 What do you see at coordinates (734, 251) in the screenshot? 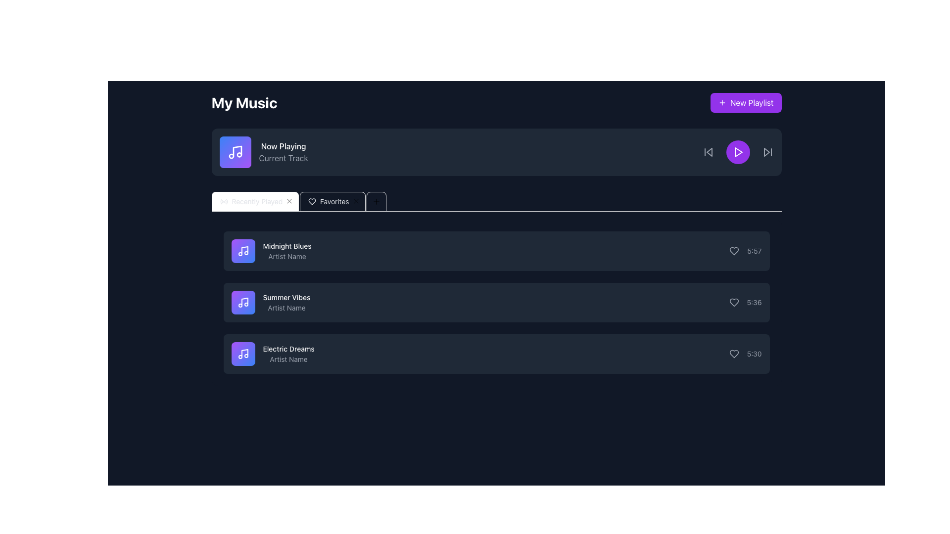
I see `the heart icon button located in the middle-right section of the 'Midnight Blues' song entry to mark or unmark the song as a favorite` at bounding box center [734, 251].